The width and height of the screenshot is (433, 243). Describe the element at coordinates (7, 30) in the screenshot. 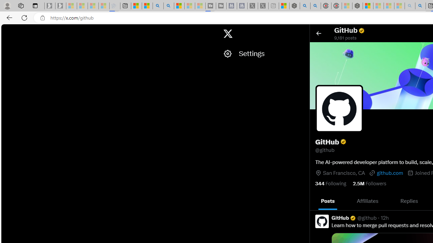

I see `'Skip to home timeline'` at that location.